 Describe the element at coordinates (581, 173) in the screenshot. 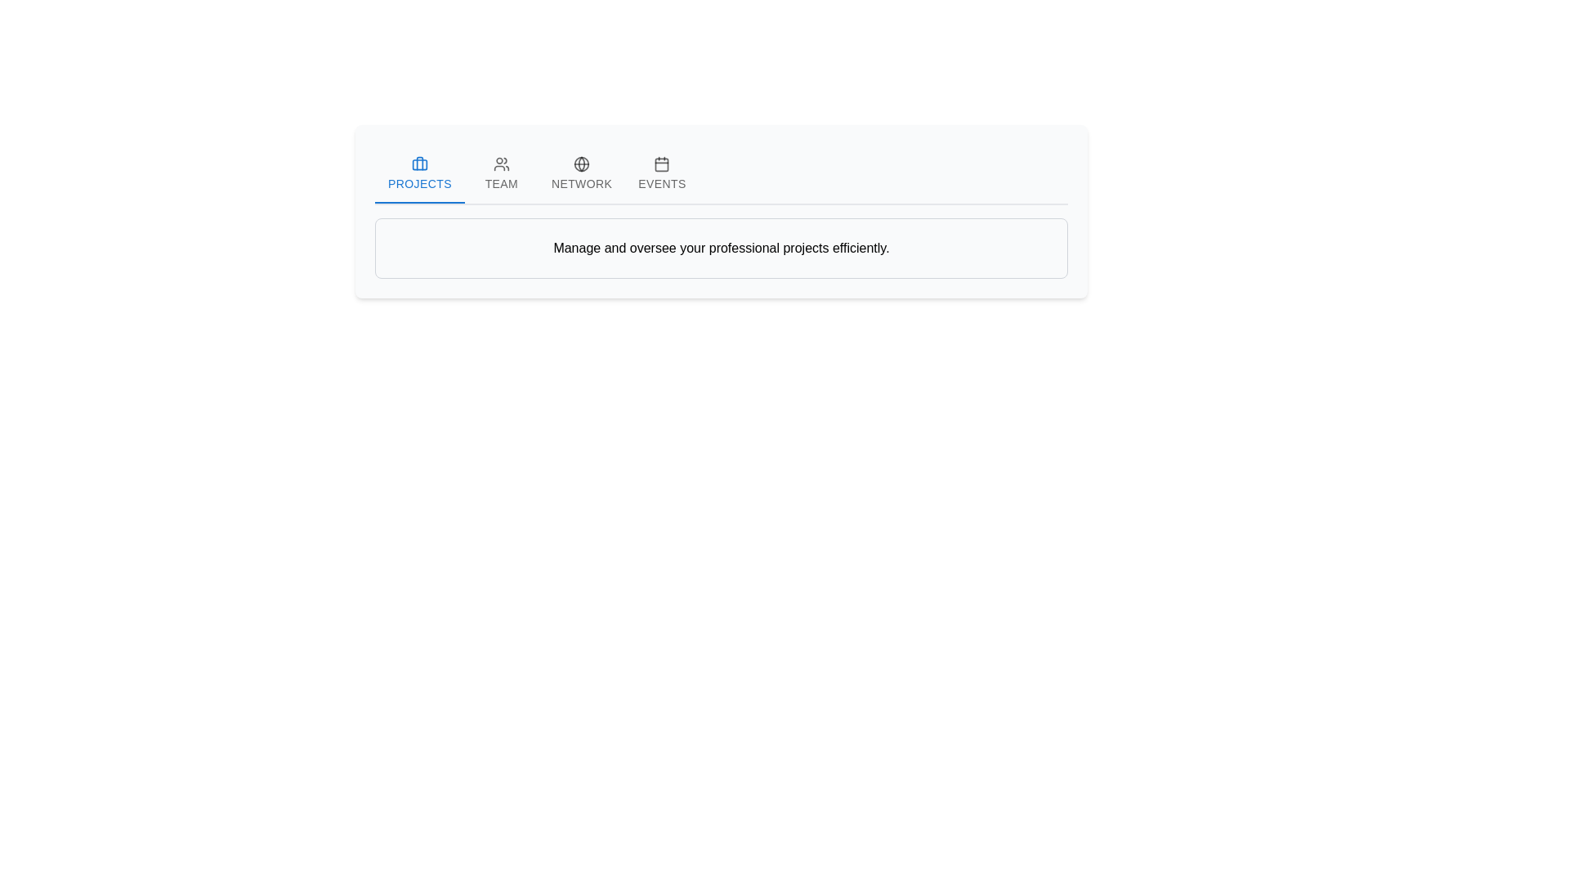

I see `the 'Network' button (tab)` at that location.